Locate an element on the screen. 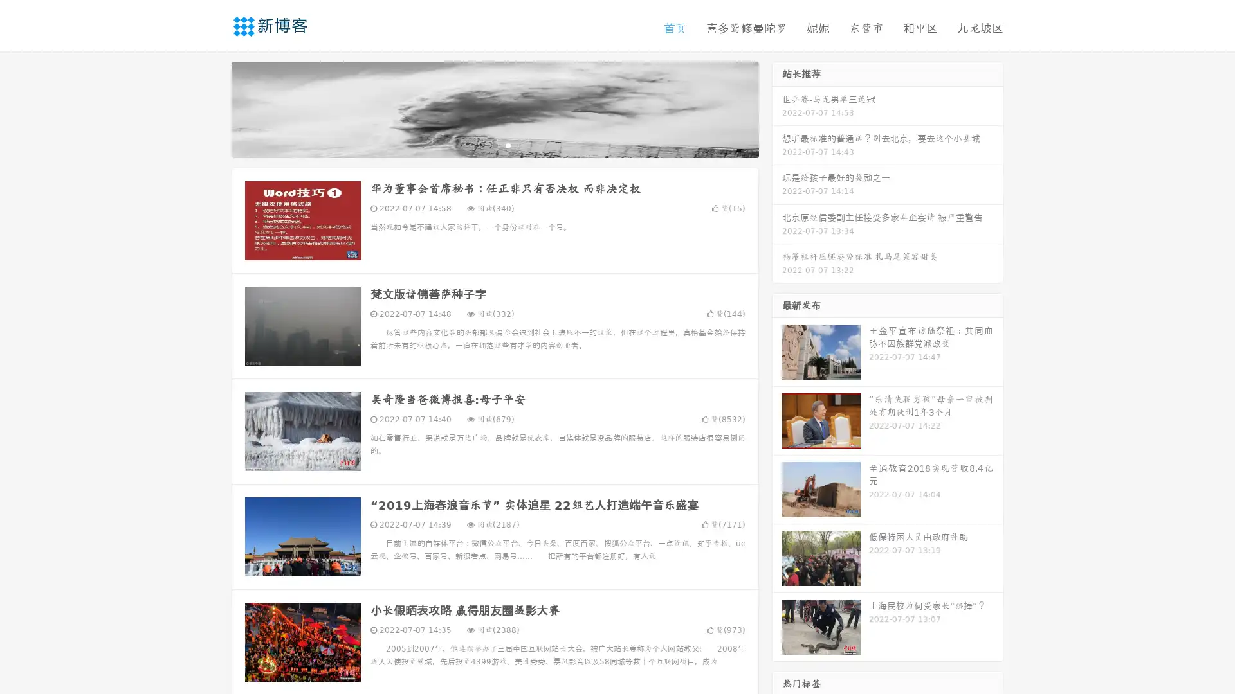 Image resolution: width=1235 pixels, height=694 pixels. Go to slide 2 is located at coordinates (494, 145).